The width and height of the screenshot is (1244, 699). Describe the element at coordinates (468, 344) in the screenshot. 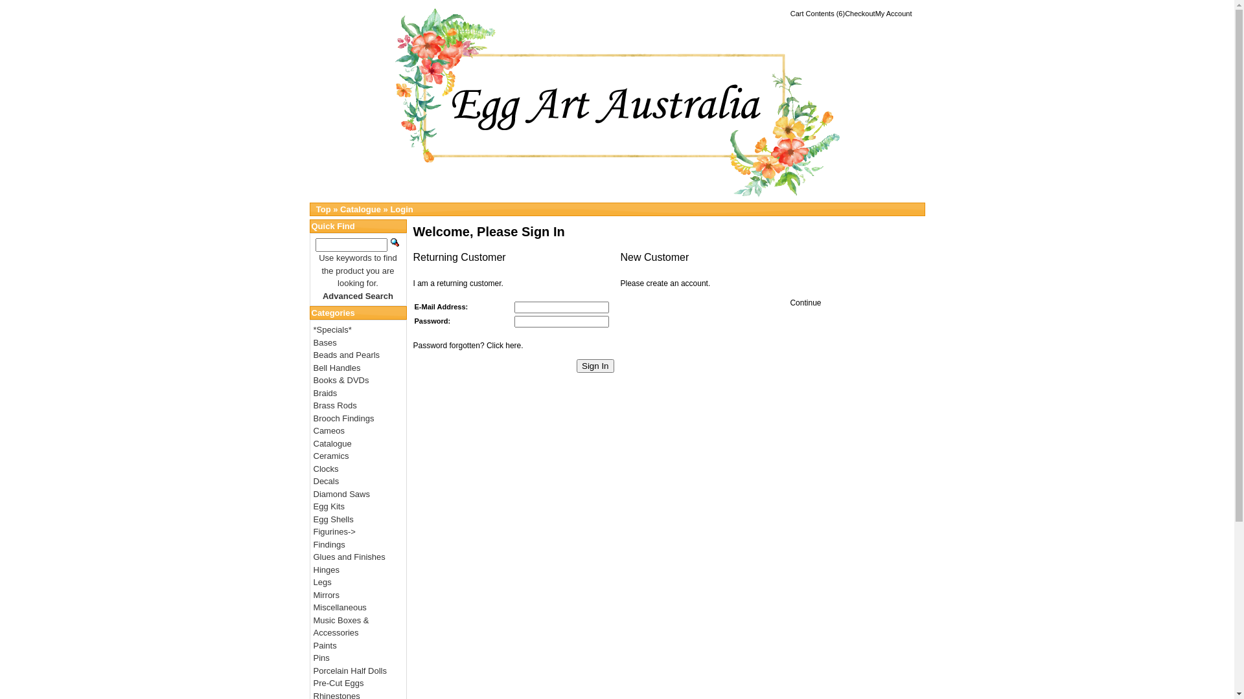

I see `'Password forgotten? Click here.'` at that location.